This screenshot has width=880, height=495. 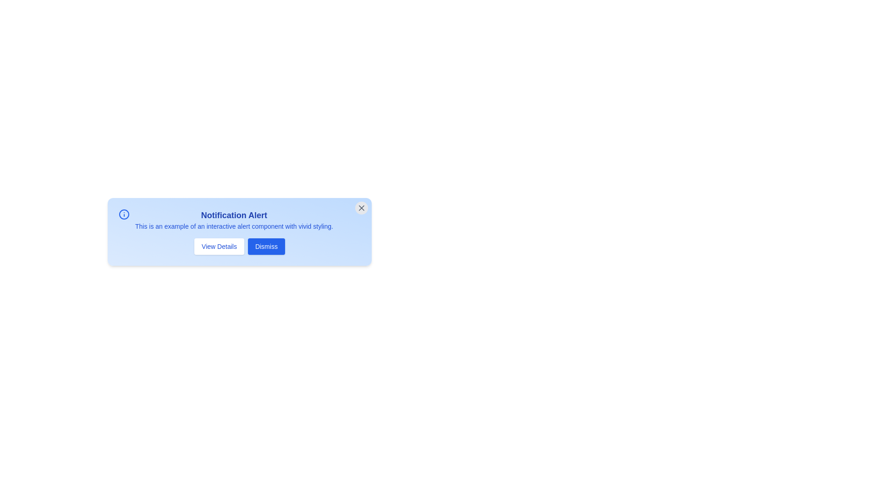 I want to click on the 'Dismiss' button to acknowledge the alert, so click(x=266, y=246).